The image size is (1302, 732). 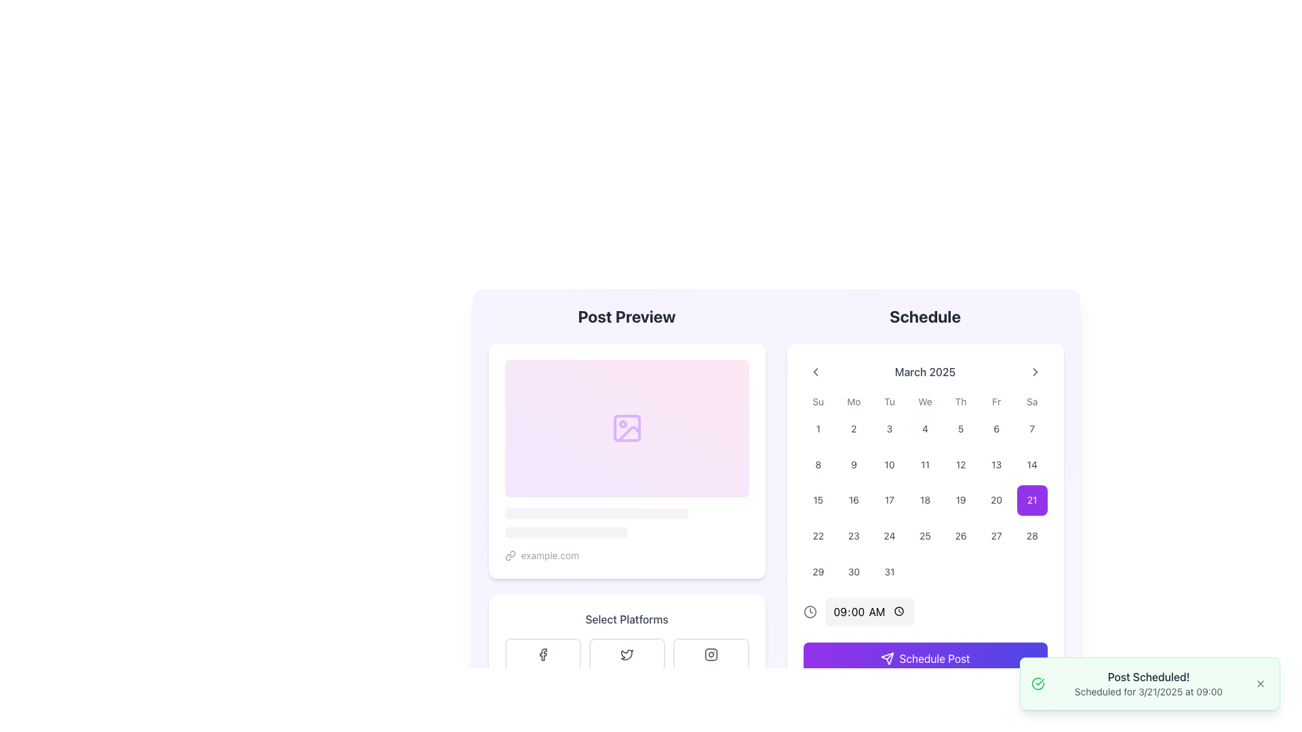 What do you see at coordinates (924, 401) in the screenshot?
I see `the text label indicating 'Wednesday' in the calendar view, which is the fourth column in the weekday abbreviation header` at bounding box center [924, 401].